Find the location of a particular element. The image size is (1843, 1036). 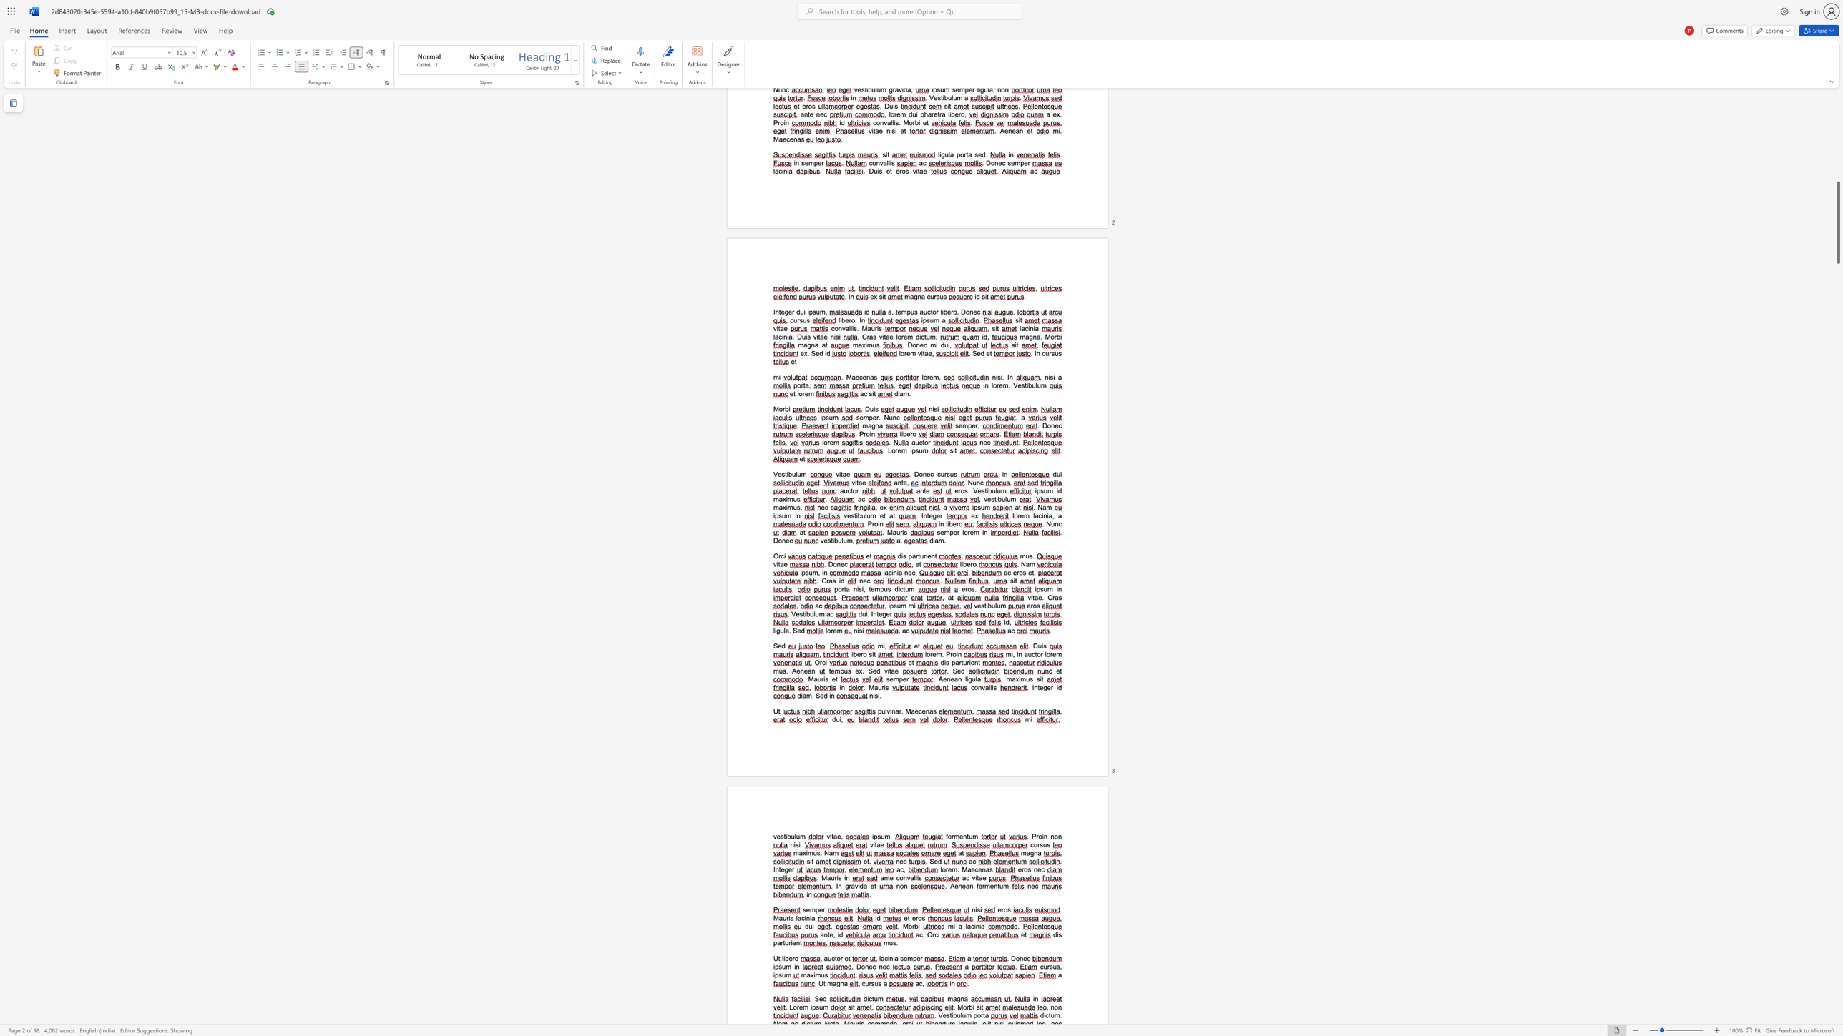

the 1th character "i" in the text is located at coordinates (954, 926).